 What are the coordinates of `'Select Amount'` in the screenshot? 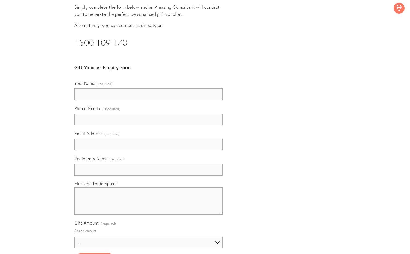 It's located at (85, 230).